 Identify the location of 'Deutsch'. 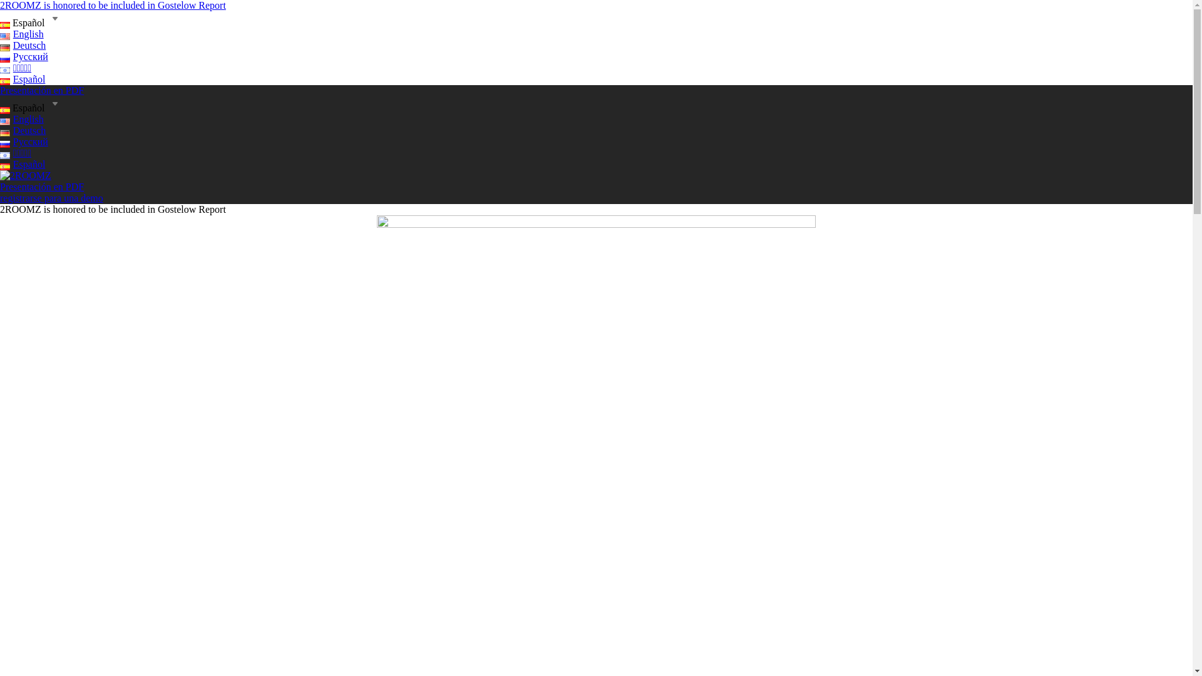
(23, 44).